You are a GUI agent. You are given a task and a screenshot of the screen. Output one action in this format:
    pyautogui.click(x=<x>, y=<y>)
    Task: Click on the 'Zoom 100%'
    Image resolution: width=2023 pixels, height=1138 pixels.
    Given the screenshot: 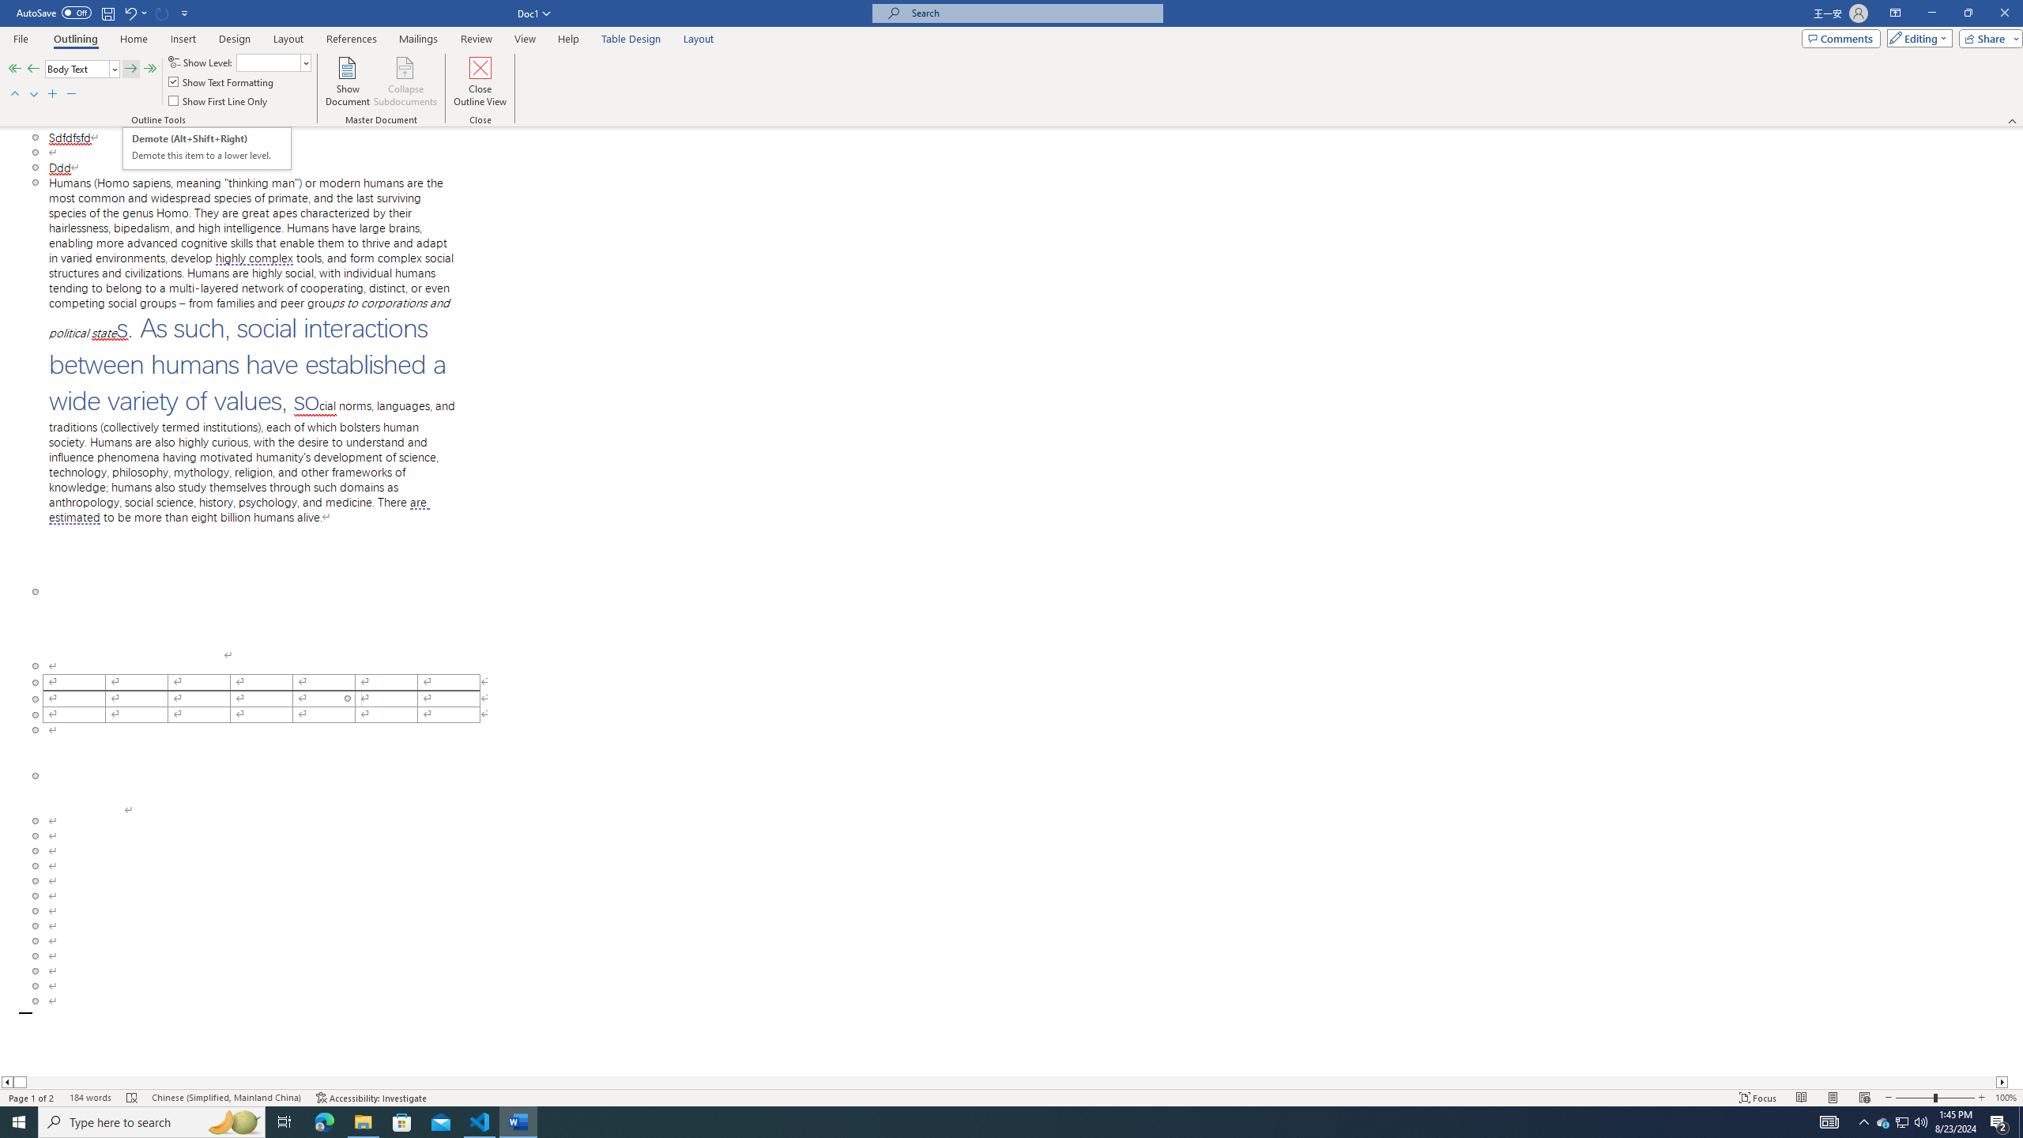 What is the action you would take?
    pyautogui.click(x=2005, y=1098)
    